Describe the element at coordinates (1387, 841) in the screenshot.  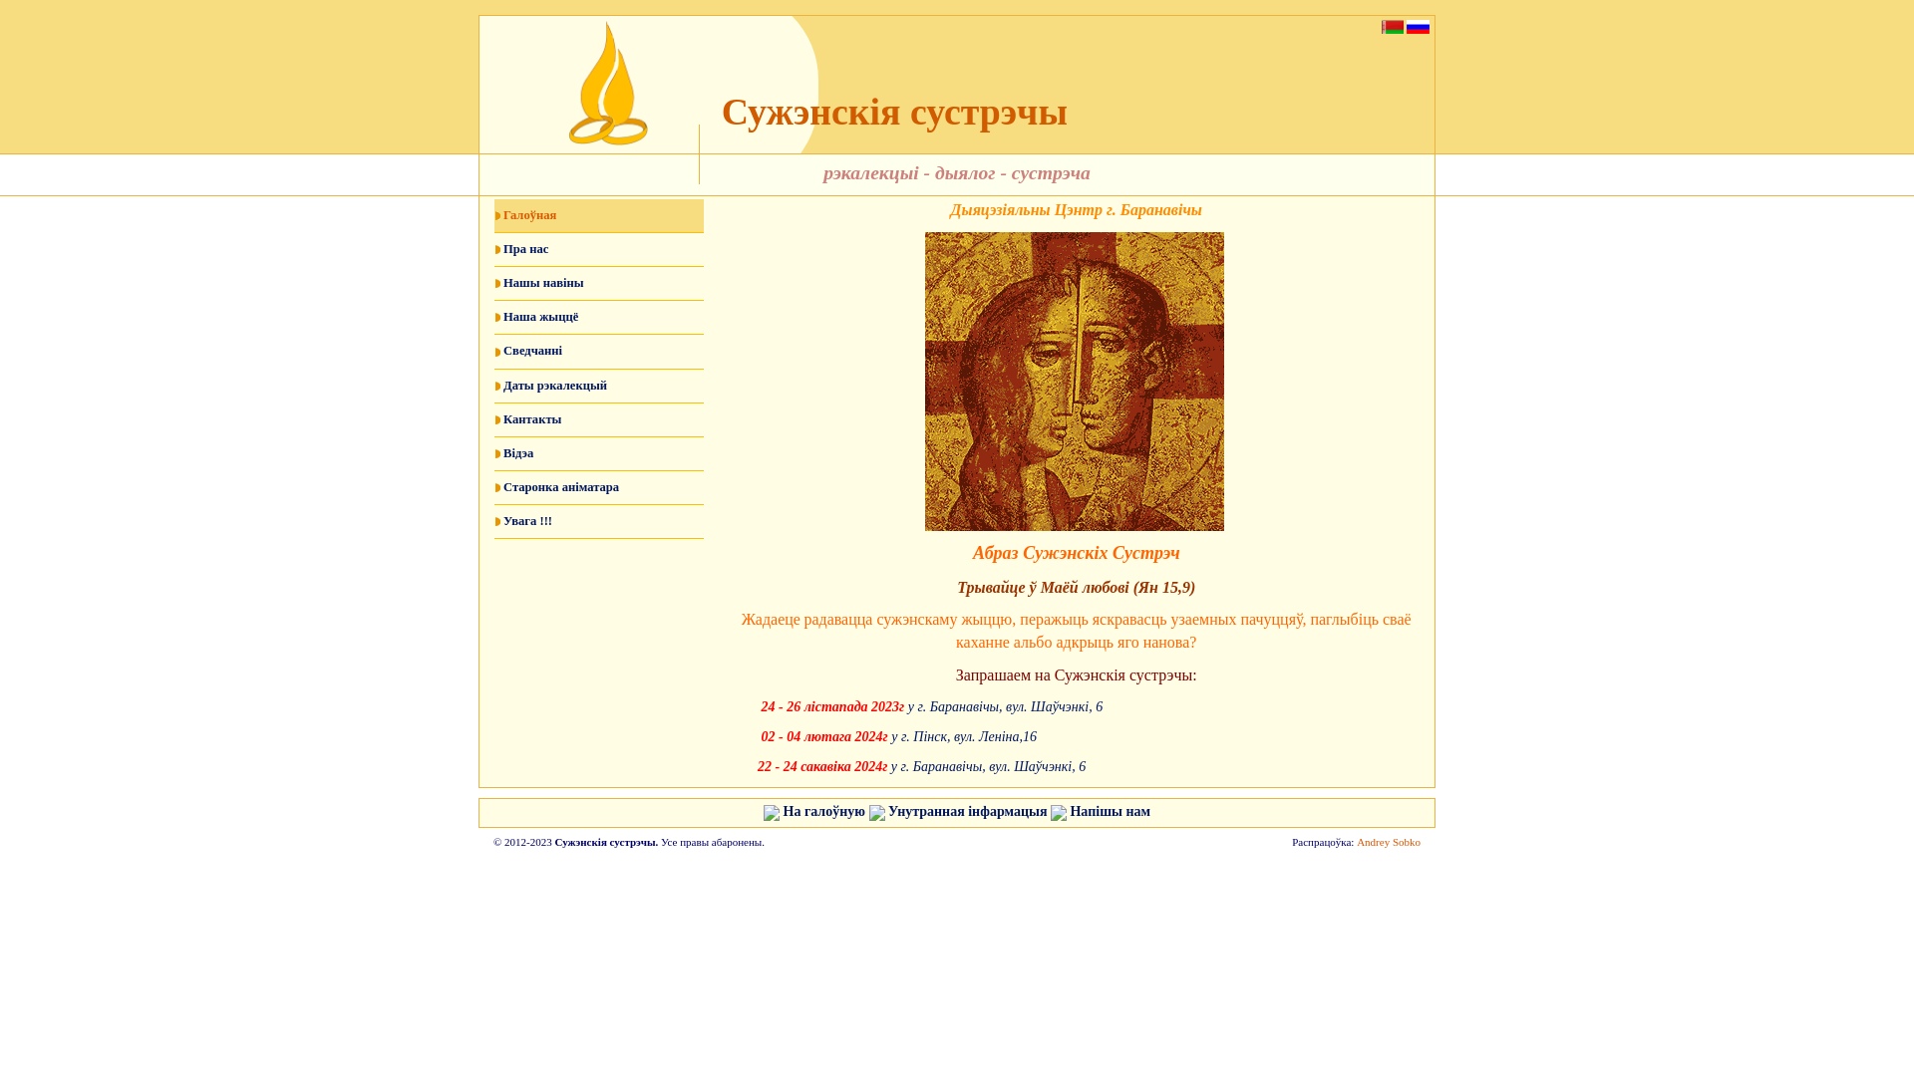
I see `'Andrey Sobko'` at that location.